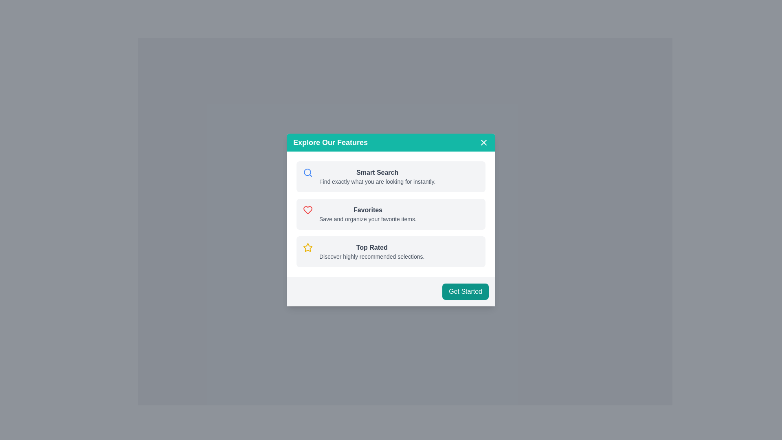  Describe the element at coordinates (377, 172) in the screenshot. I see `text heading 'Smart Search' which is styled in bold, dark text and is located at the top-left quadrant of the modal window titled 'Explore Our Features'` at that location.